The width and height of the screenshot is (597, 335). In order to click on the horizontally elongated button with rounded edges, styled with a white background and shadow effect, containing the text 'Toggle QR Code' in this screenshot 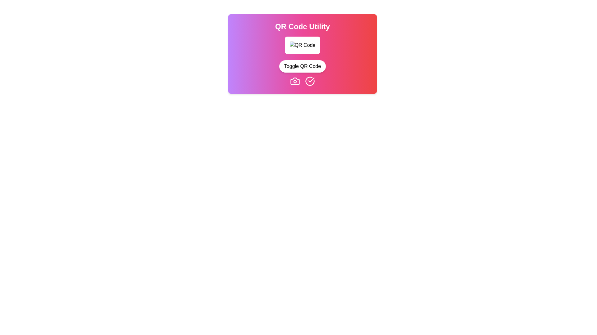, I will do `click(303, 66)`.